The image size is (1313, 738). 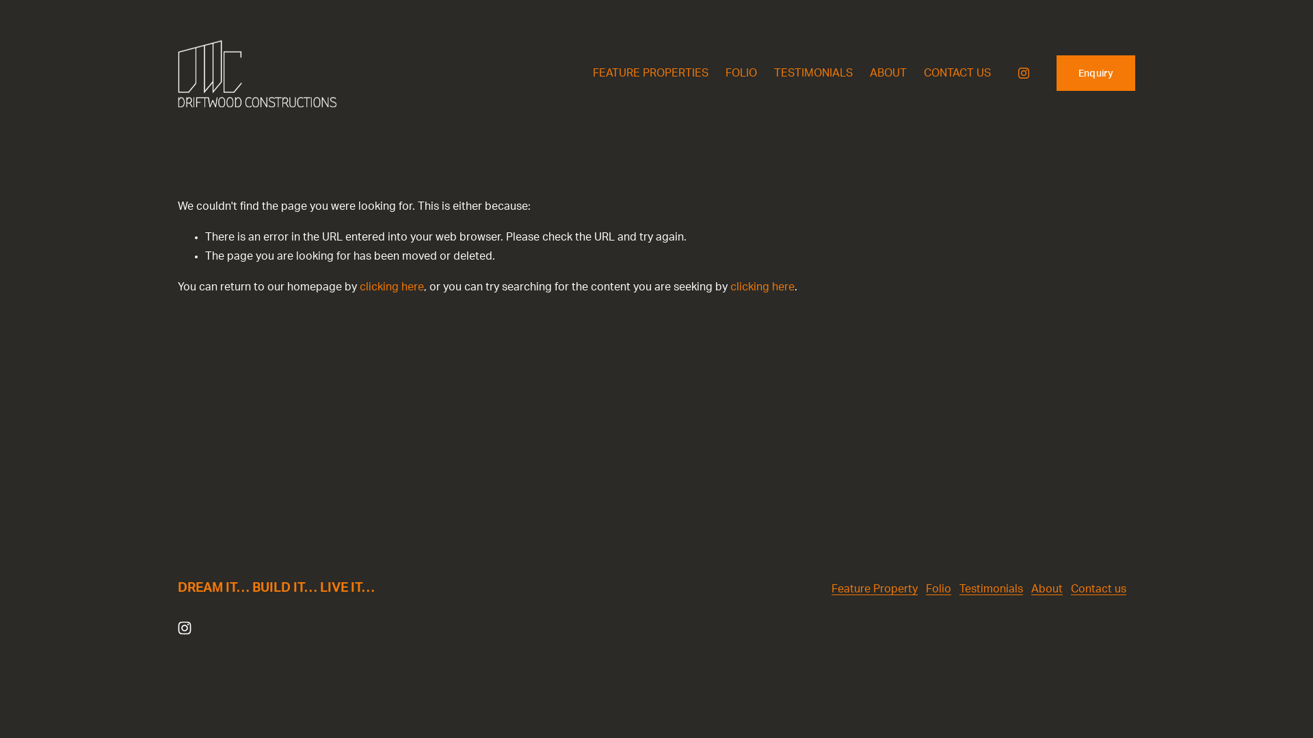 What do you see at coordinates (938, 588) in the screenshot?
I see `'Folio'` at bounding box center [938, 588].